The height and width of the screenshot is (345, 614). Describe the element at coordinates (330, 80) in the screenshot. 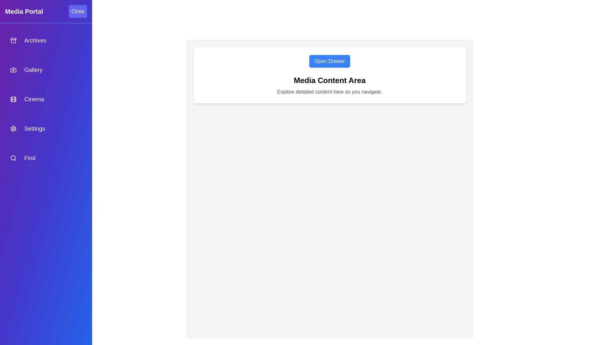

I see `the 'Media Content Area' text to read its content` at that location.